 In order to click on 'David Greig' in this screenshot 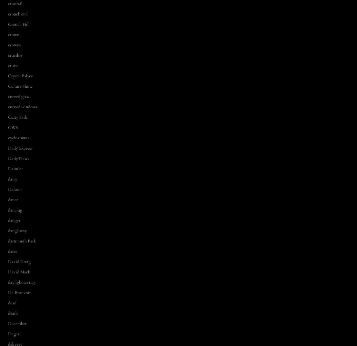, I will do `click(19, 261)`.